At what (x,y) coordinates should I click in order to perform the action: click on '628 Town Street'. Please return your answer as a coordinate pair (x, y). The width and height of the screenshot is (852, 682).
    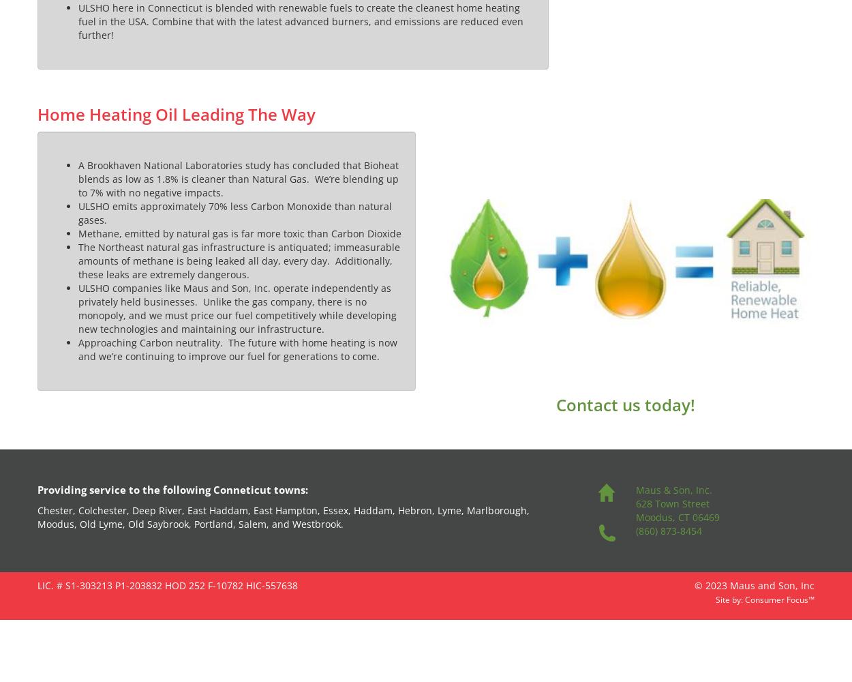
    Looking at the image, I should click on (671, 503).